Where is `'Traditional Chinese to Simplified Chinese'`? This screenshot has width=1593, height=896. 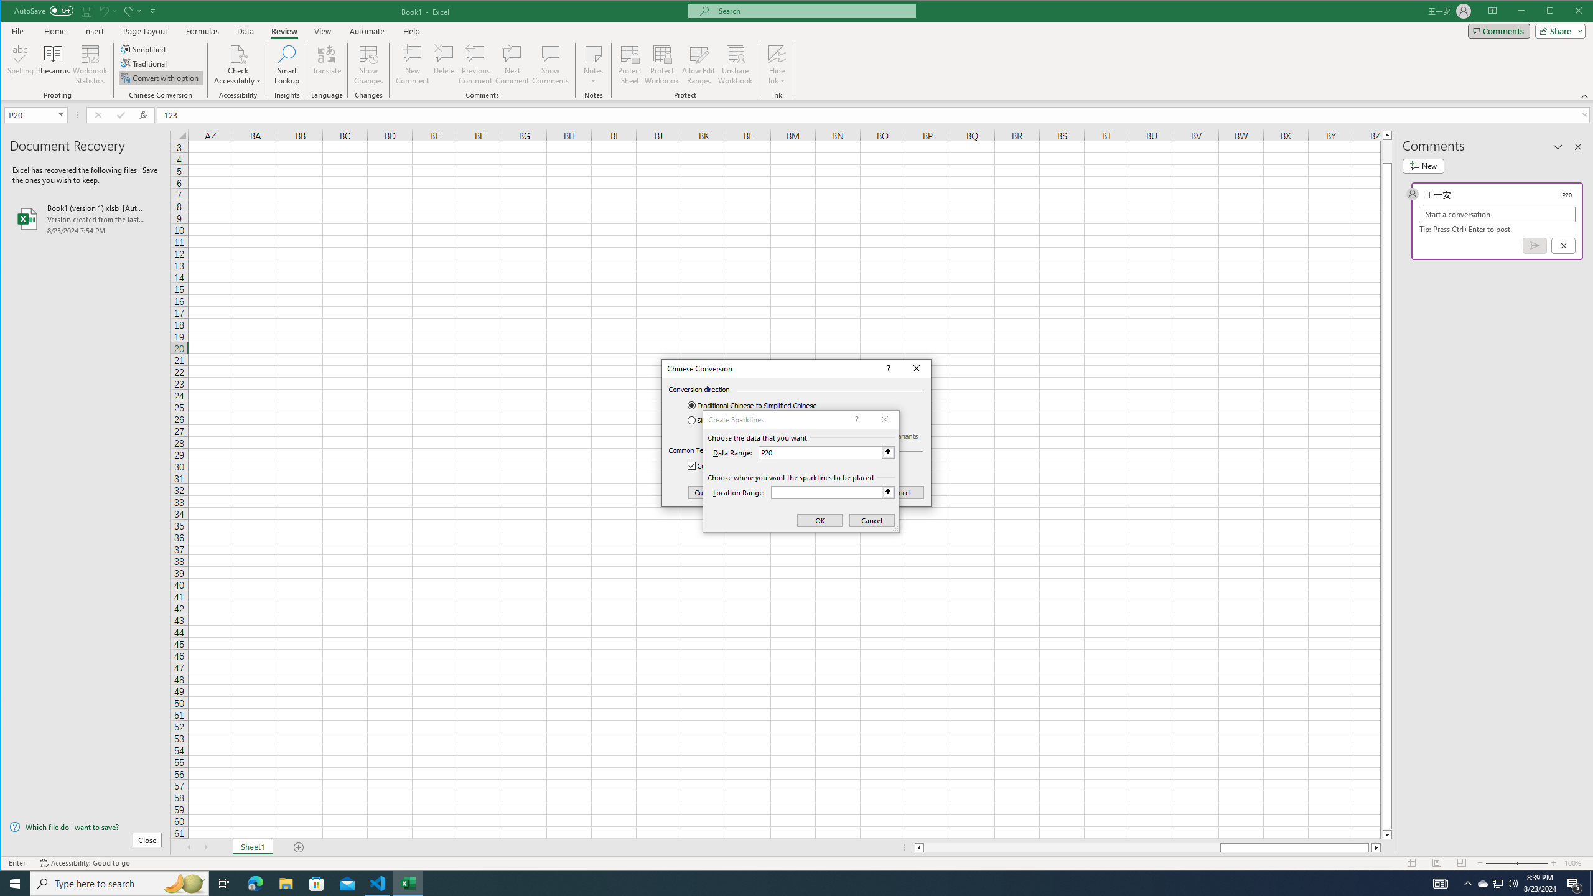 'Traditional Chinese to Simplified Chinese' is located at coordinates (761, 405).